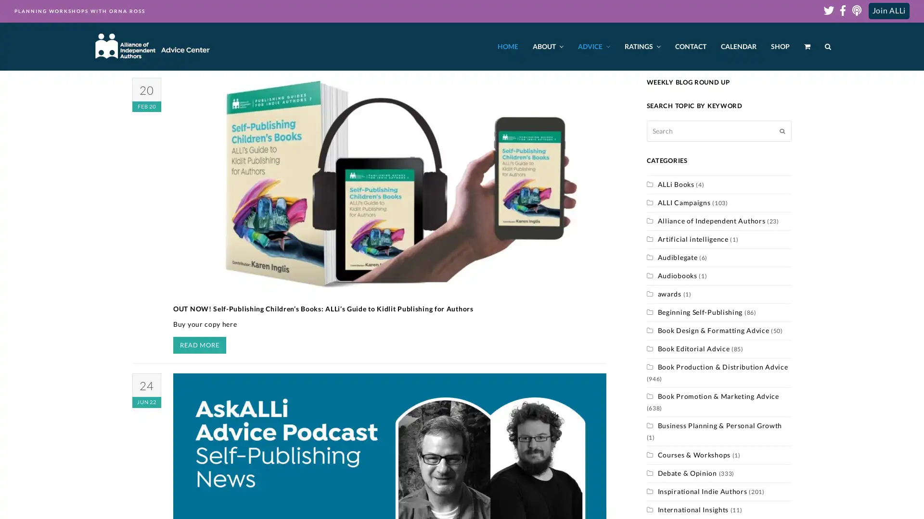 The width and height of the screenshot is (924, 519). What do you see at coordinates (782, 131) in the screenshot?
I see `SUBMIT` at bounding box center [782, 131].